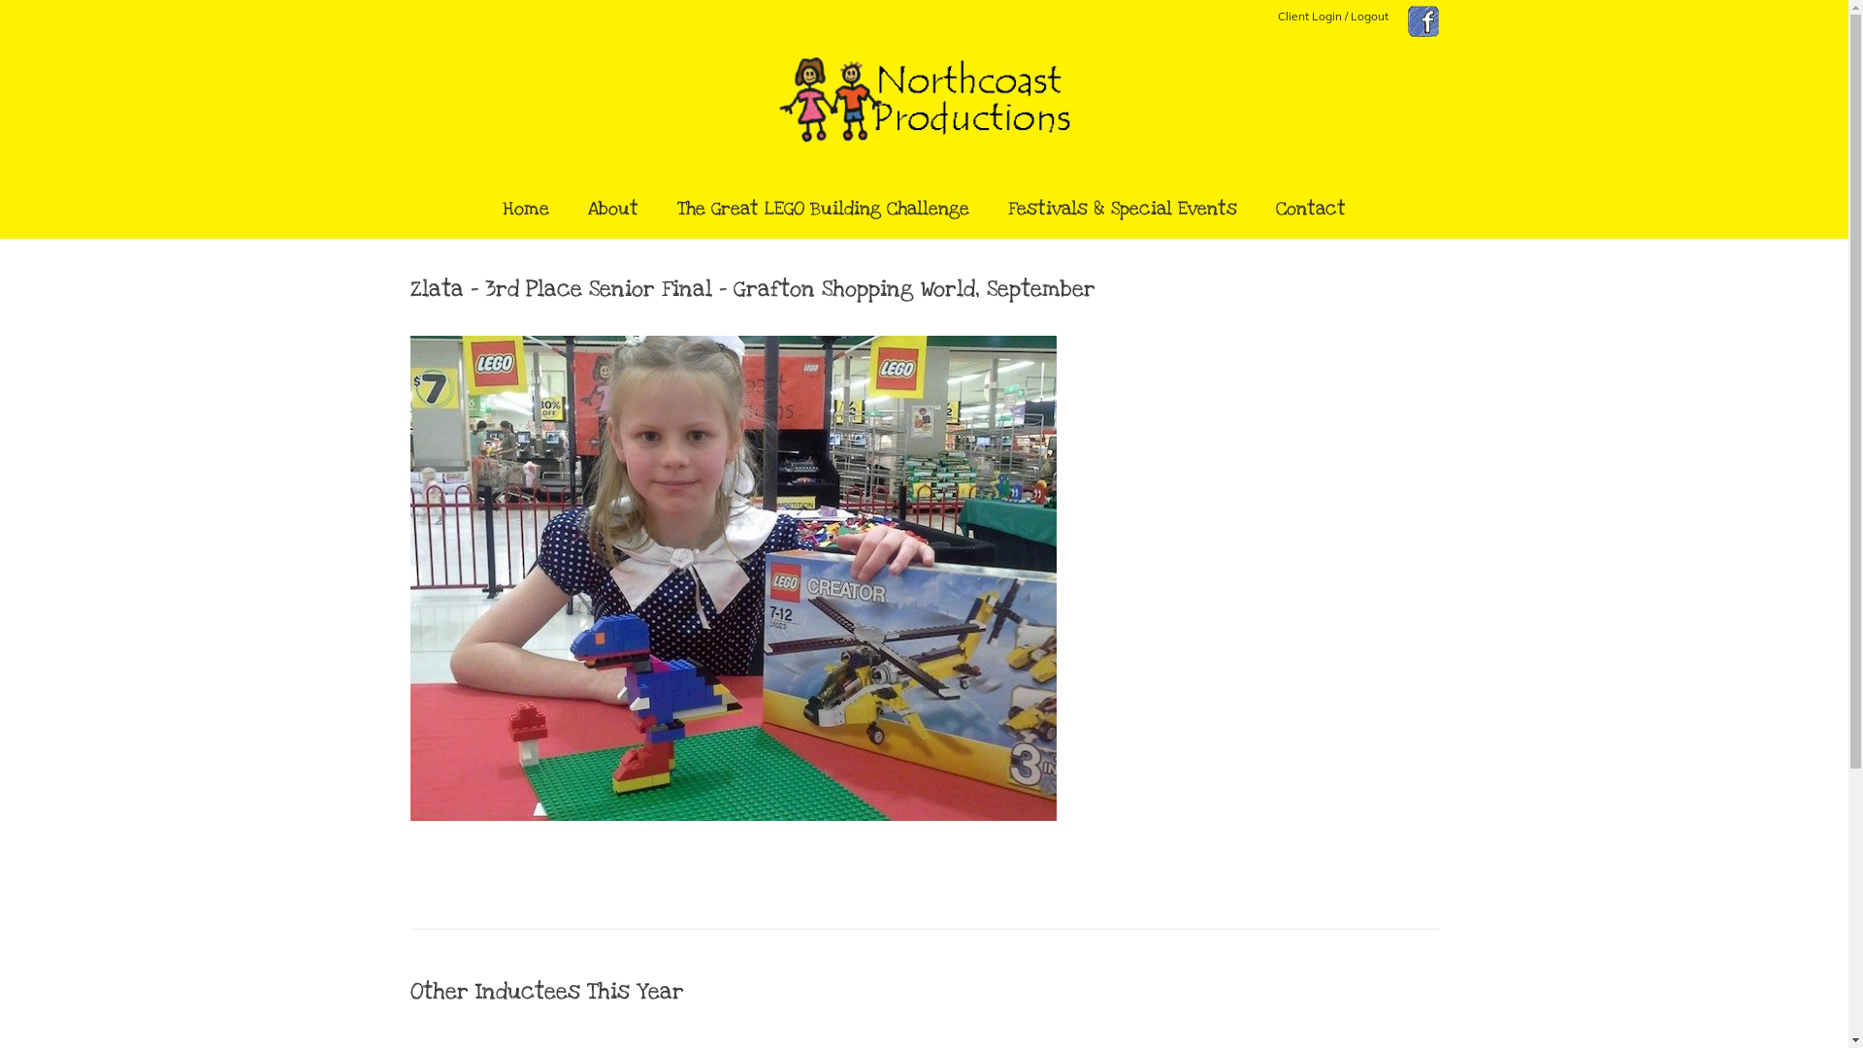  What do you see at coordinates (526, 210) in the screenshot?
I see `'Home'` at bounding box center [526, 210].